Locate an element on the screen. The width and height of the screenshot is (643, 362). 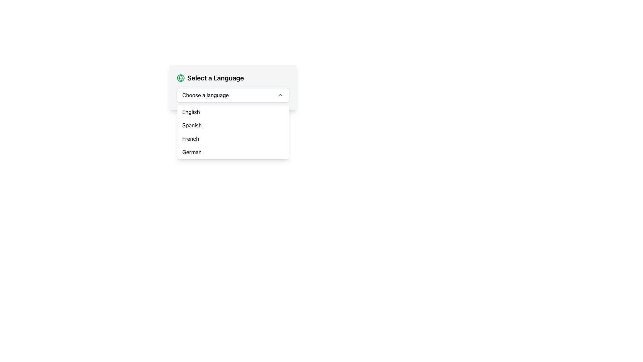
the icon that toggles the dropdown menu for language selection, located to the far right within the 'Choose a language' selection box is located at coordinates (280, 95).